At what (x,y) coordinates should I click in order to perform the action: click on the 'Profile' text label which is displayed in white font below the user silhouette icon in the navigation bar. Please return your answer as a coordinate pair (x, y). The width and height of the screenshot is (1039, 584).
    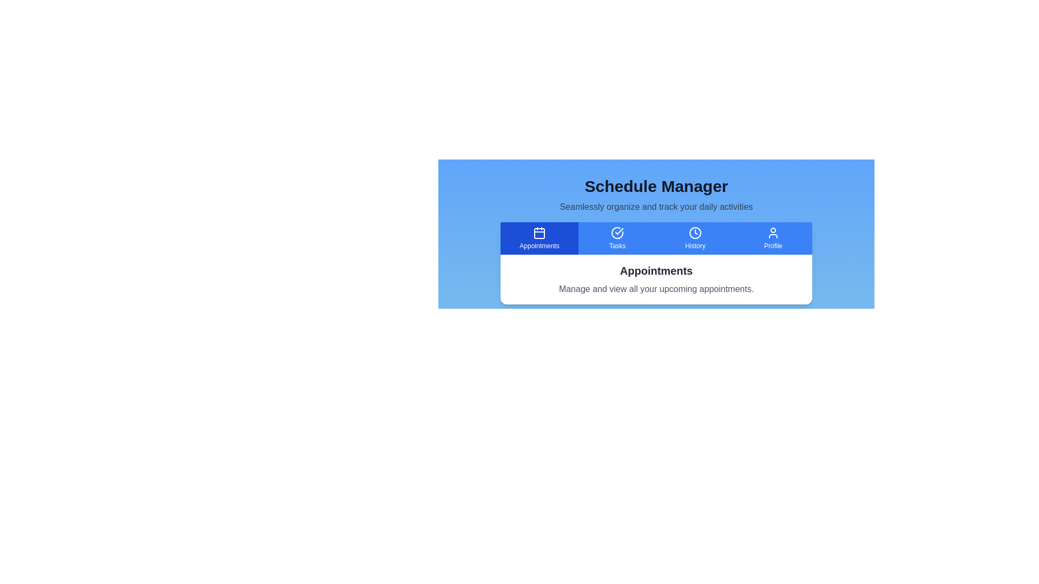
    Looking at the image, I should click on (773, 246).